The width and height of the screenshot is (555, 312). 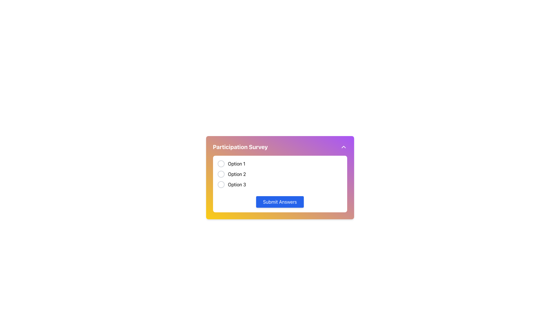 What do you see at coordinates (237, 185) in the screenshot?
I see `the label 'Option 3' which is positioned beside a circular unfilled radio button in a multiple-choice interface` at bounding box center [237, 185].